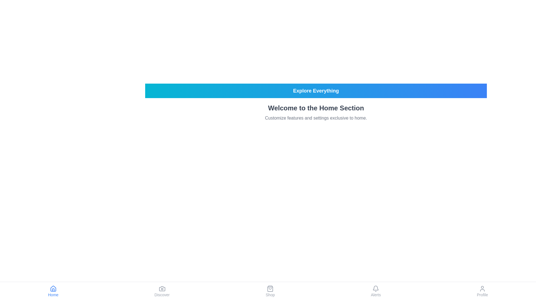 This screenshot has height=301, width=536. What do you see at coordinates (376, 291) in the screenshot?
I see `the Alerts tab in the footer` at bounding box center [376, 291].